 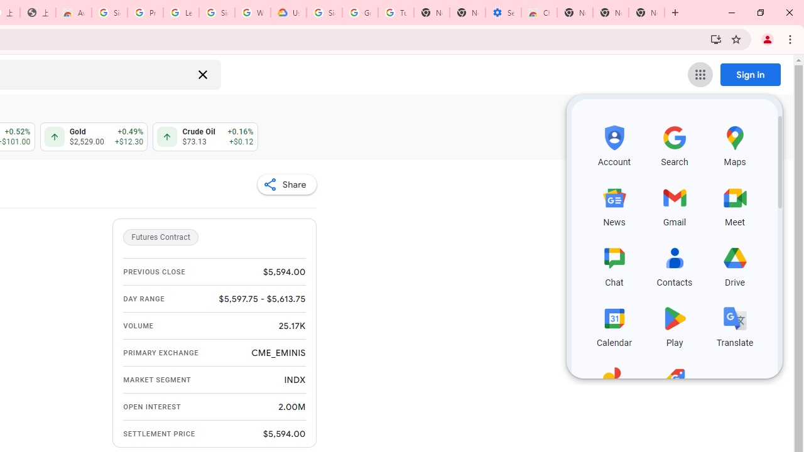 What do you see at coordinates (205, 137) in the screenshot?
I see `'Crude Oil $73.13 Up by 0.16% +$0.12'` at bounding box center [205, 137].